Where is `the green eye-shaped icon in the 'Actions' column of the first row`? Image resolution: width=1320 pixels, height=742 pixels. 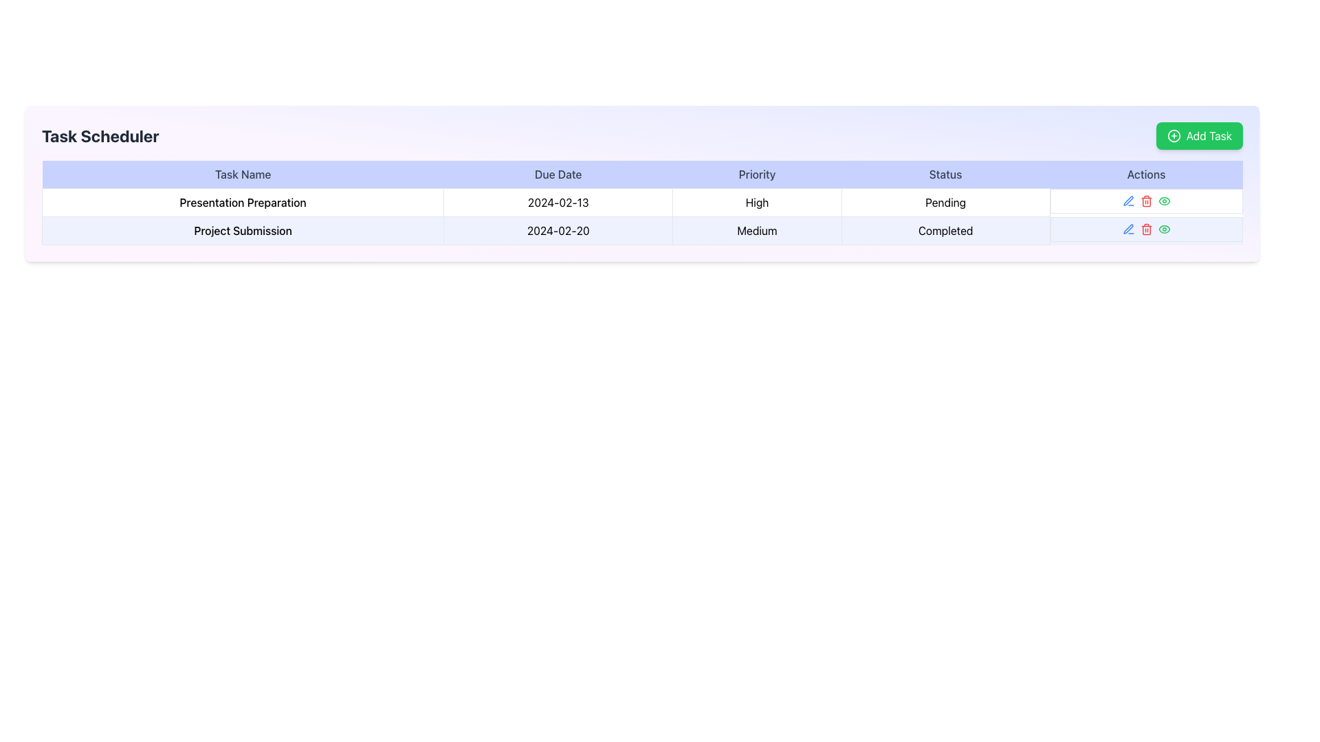
the green eye-shaped icon in the 'Actions' column of the first row is located at coordinates (1163, 228).